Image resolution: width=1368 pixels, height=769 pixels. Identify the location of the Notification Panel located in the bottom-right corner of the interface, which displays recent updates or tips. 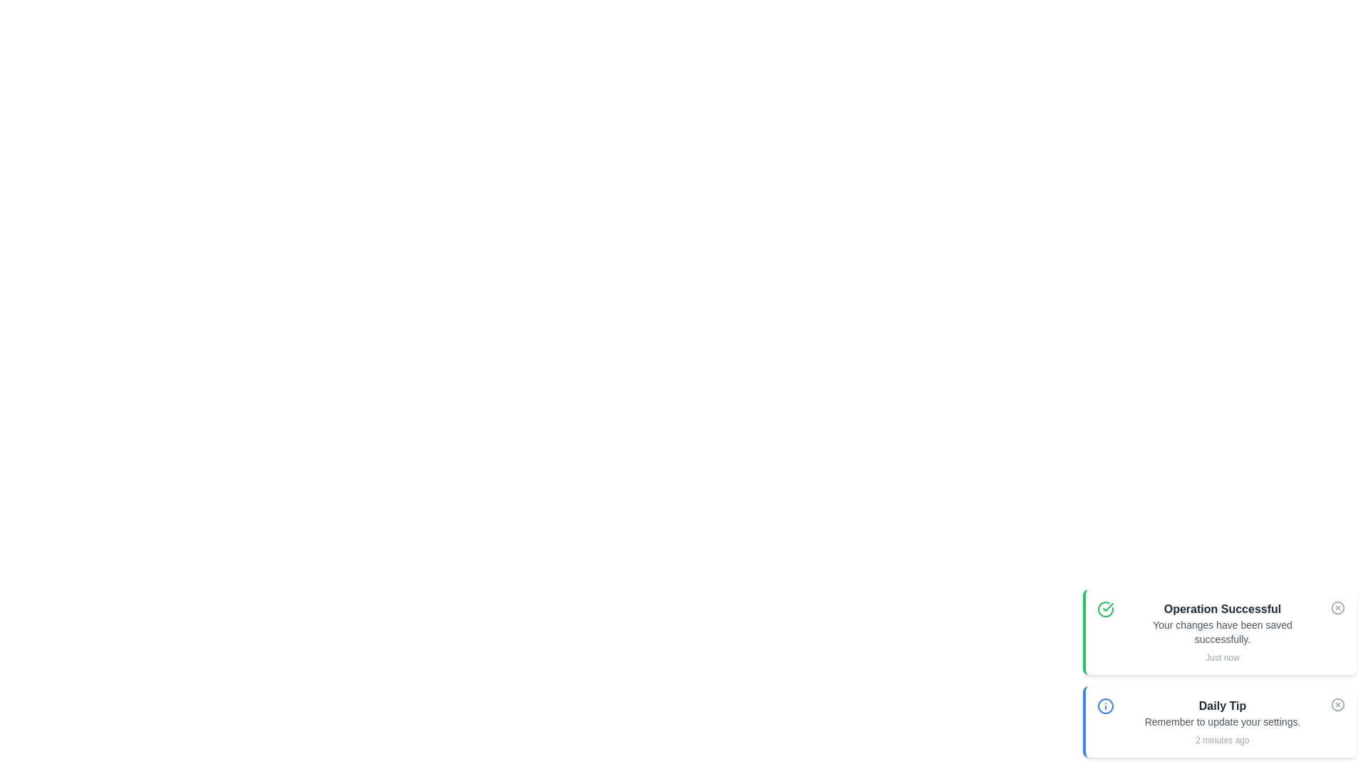
(1219, 673).